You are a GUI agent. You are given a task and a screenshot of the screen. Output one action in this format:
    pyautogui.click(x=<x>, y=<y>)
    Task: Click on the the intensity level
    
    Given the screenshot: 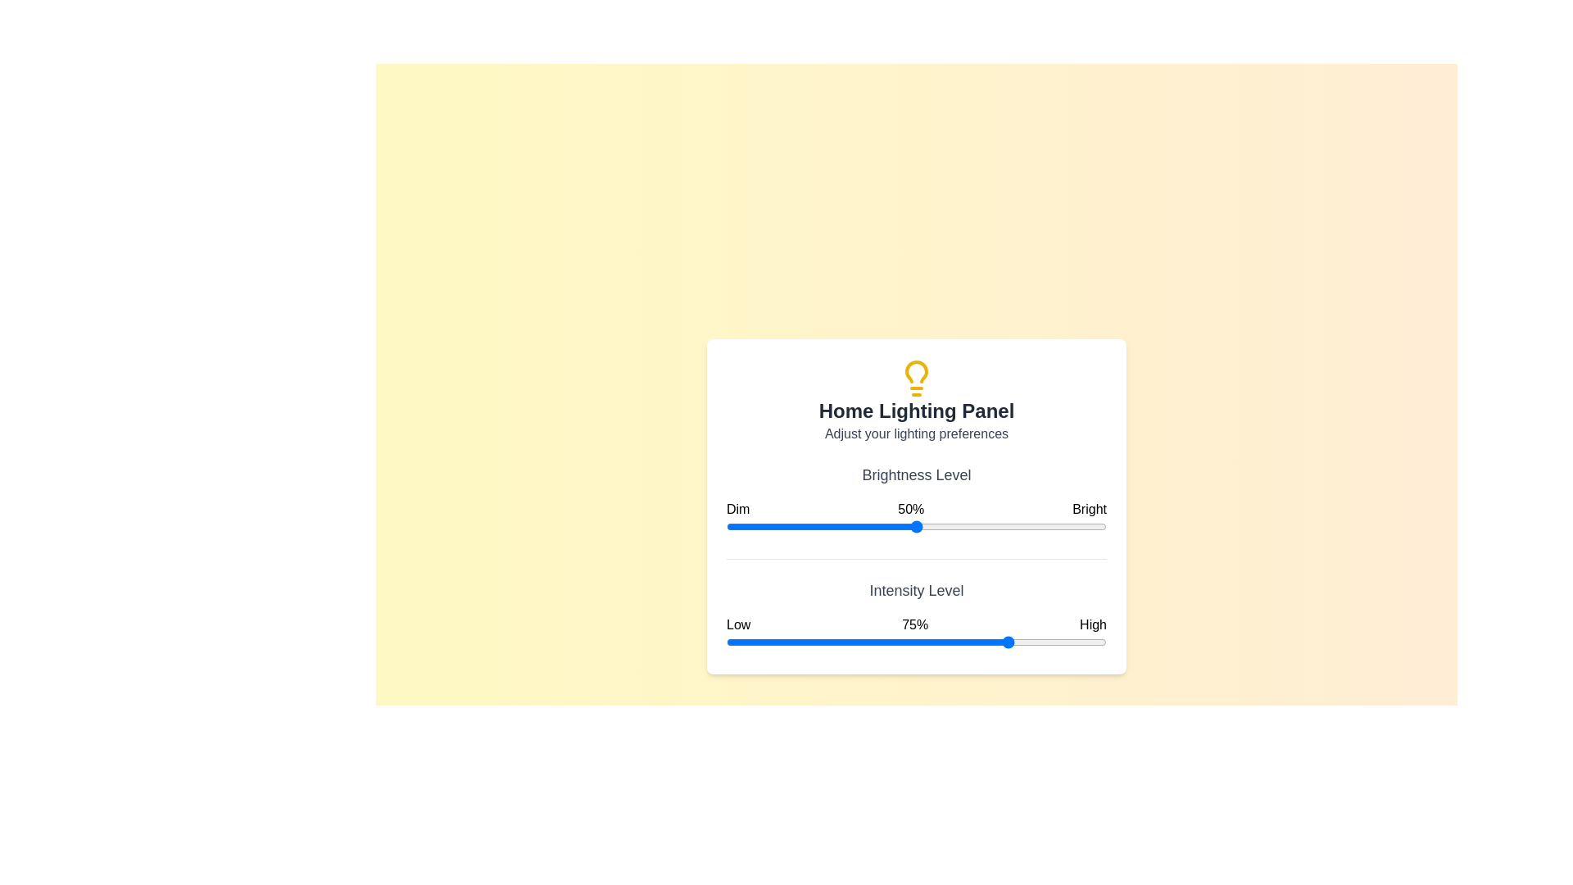 What is the action you would take?
    pyautogui.click(x=915, y=641)
    